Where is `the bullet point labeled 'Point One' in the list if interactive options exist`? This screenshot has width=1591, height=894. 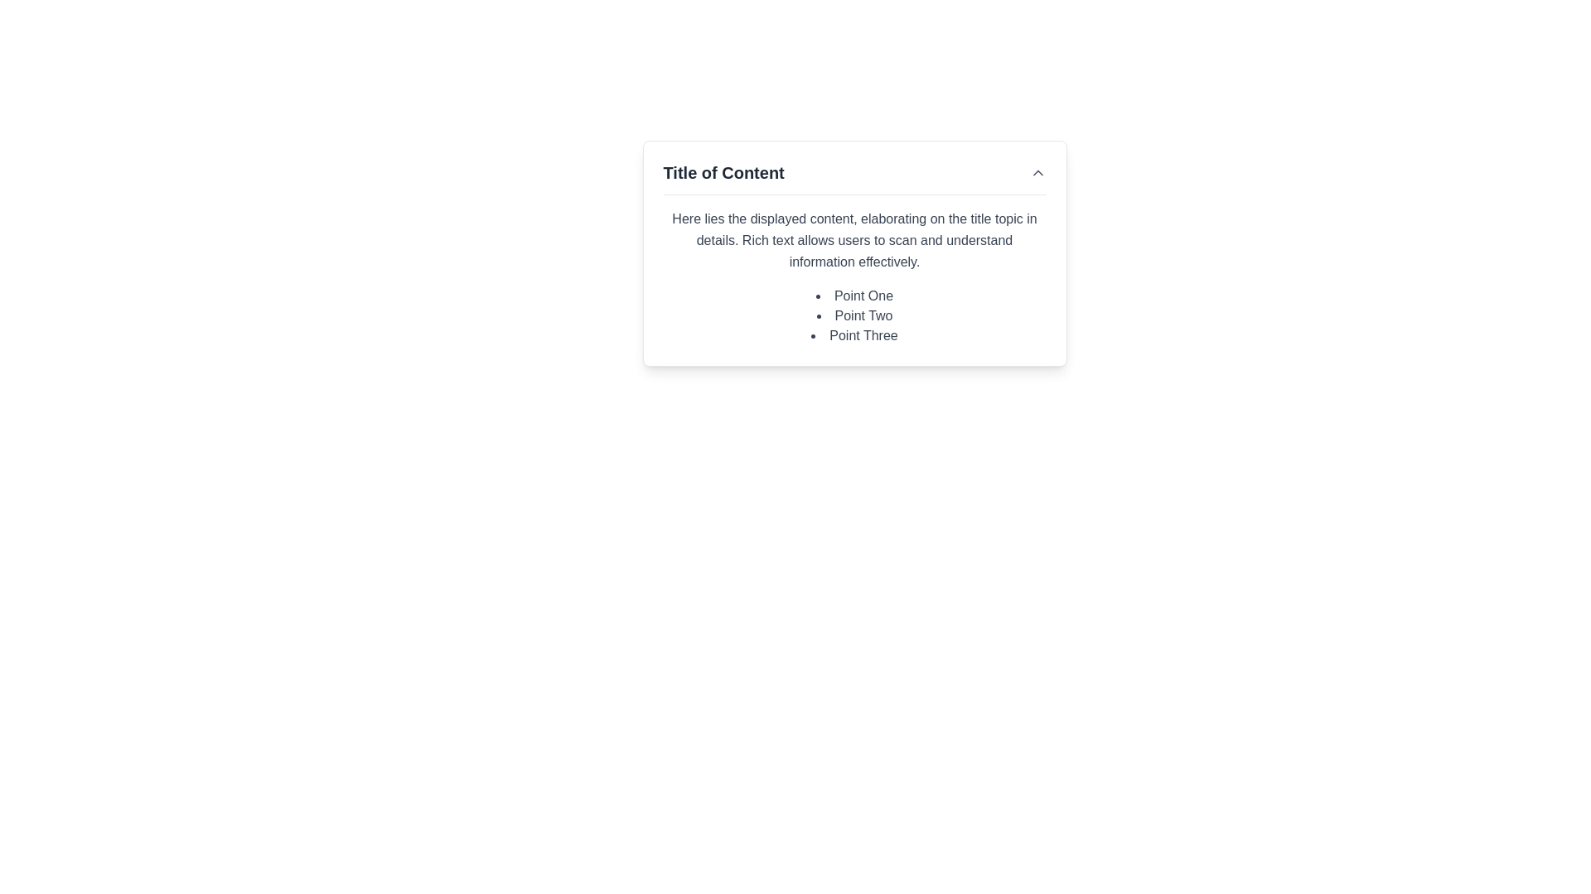 the bullet point labeled 'Point One' in the list if interactive options exist is located at coordinates (854, 296).